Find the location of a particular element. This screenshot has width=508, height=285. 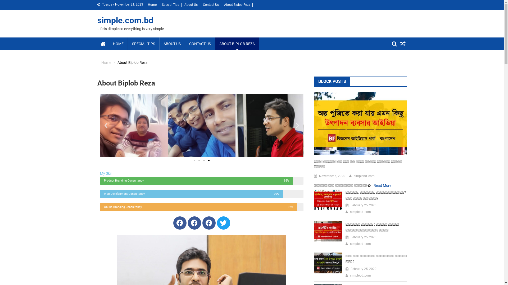

'Search' is located at coordinates (395, 63).